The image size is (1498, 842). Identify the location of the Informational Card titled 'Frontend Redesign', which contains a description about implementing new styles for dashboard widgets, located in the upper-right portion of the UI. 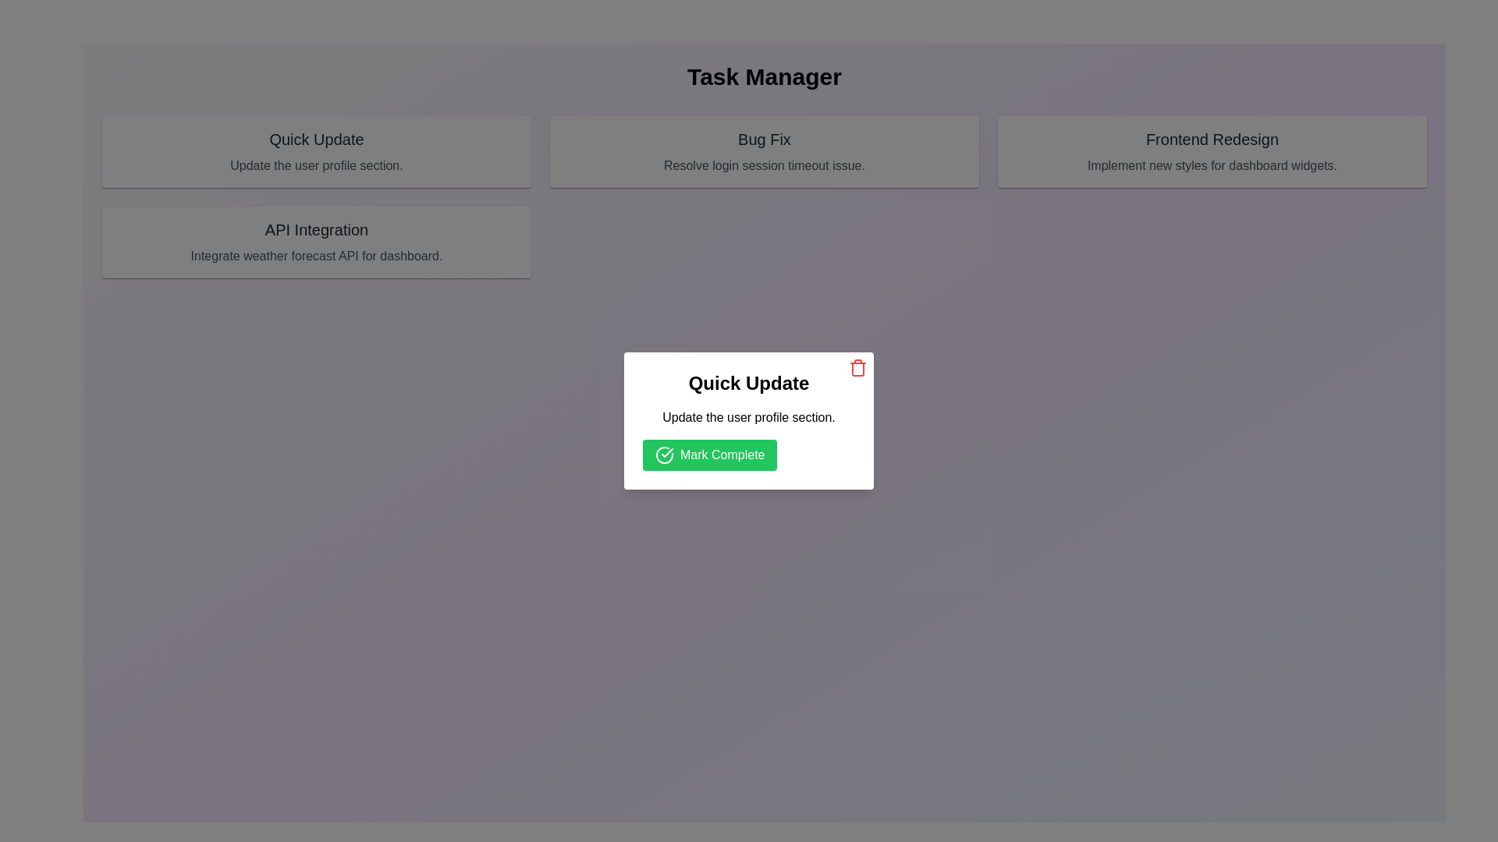
(1202, 142).